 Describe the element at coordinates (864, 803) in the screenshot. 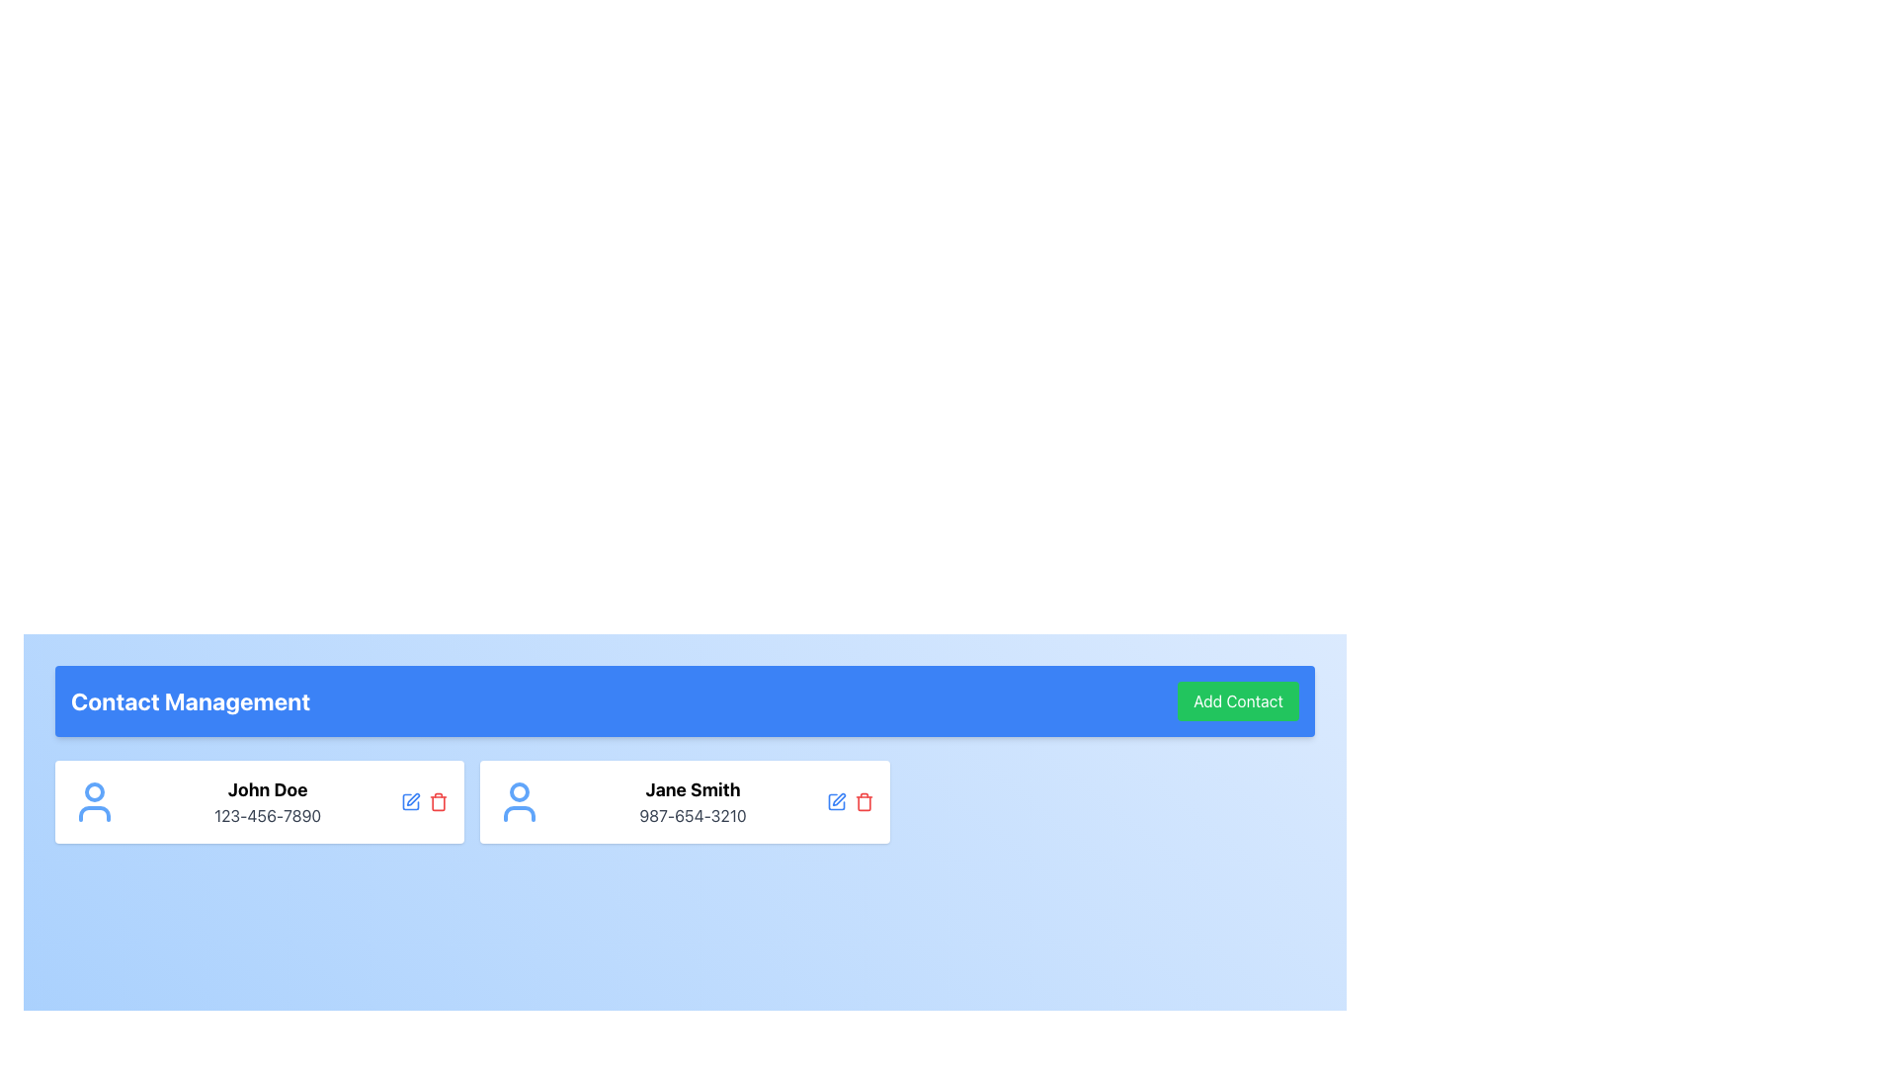

I see `the trash icon within the delete button of Jane Smith's contact card` at that location.